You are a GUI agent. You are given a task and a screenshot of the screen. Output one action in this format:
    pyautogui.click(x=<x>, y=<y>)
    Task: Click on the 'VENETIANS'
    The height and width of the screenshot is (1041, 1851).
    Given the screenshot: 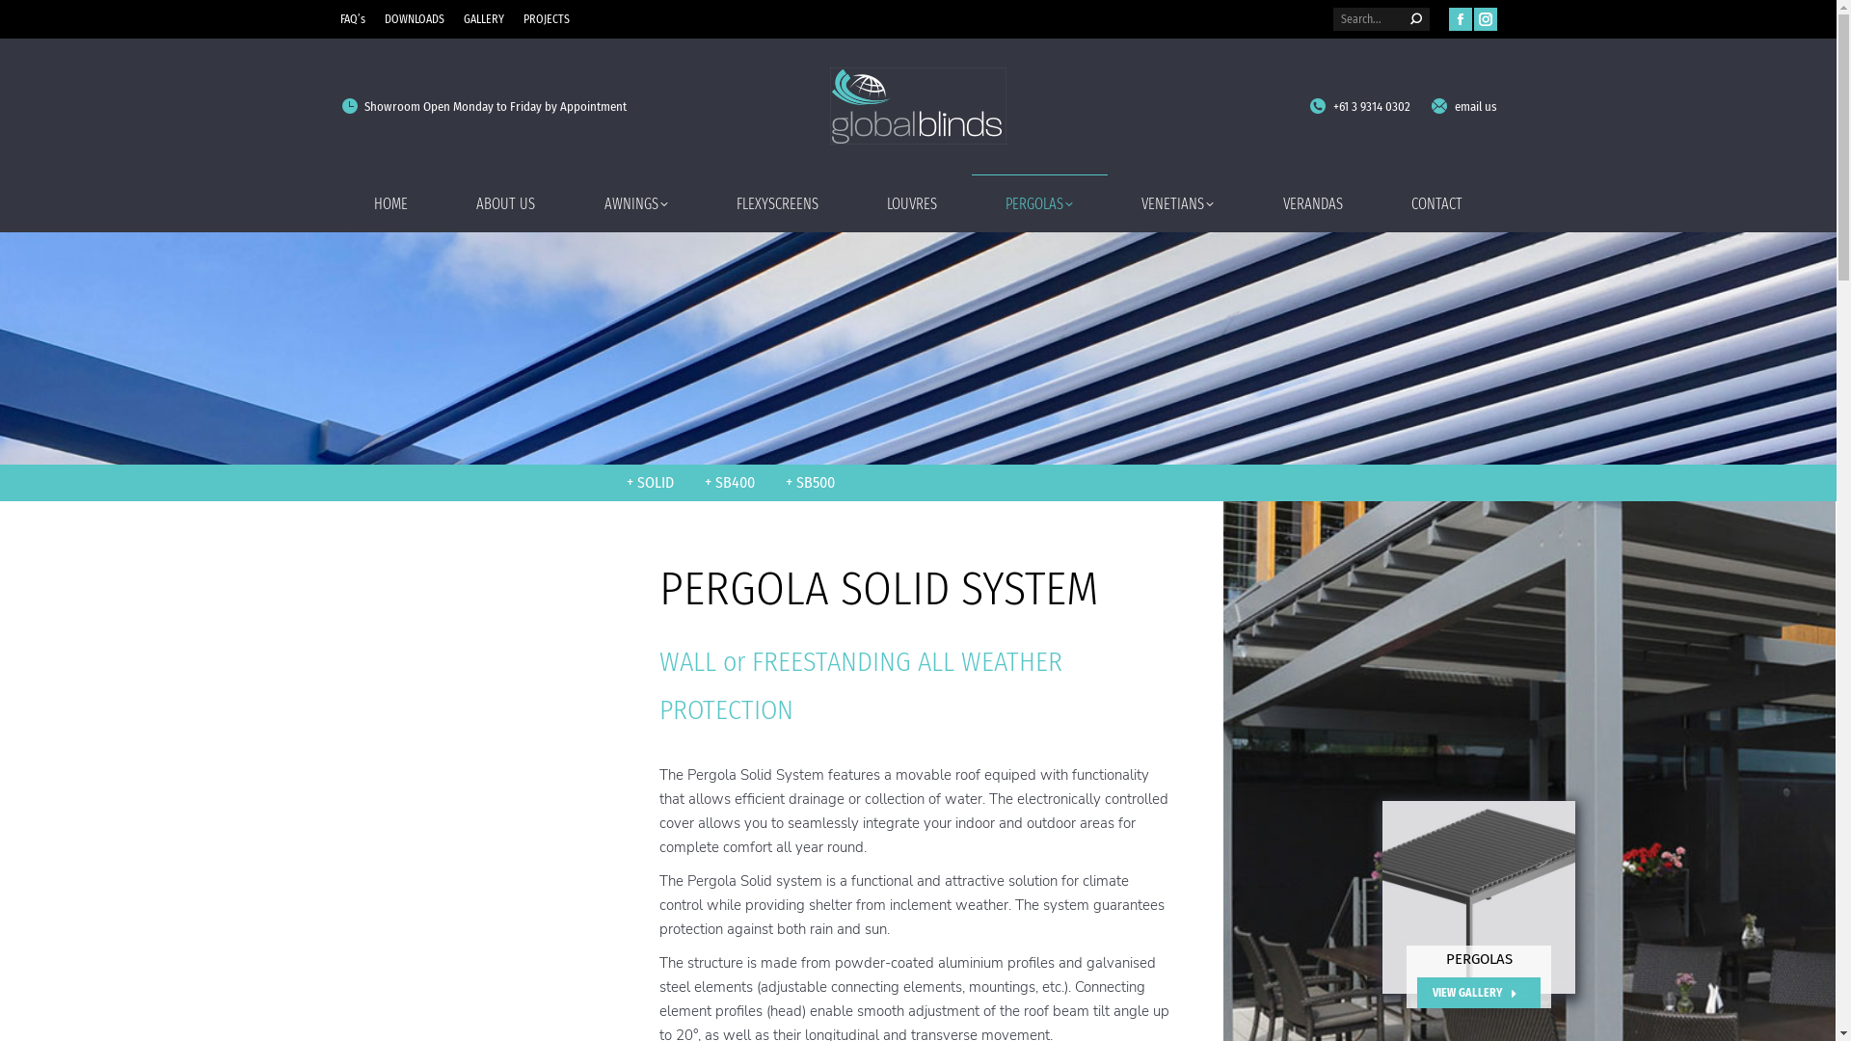 What is the action you would take?
    pyautogui.click(x=1177, y=202)
    